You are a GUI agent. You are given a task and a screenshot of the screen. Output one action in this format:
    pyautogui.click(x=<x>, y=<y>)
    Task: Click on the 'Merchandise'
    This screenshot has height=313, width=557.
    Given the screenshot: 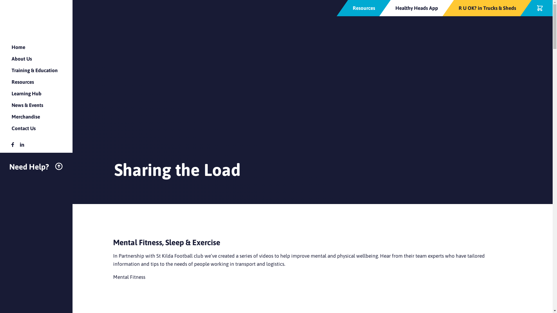 What is the action you would take?
    pyautogui.click(x=26, y=117)
    